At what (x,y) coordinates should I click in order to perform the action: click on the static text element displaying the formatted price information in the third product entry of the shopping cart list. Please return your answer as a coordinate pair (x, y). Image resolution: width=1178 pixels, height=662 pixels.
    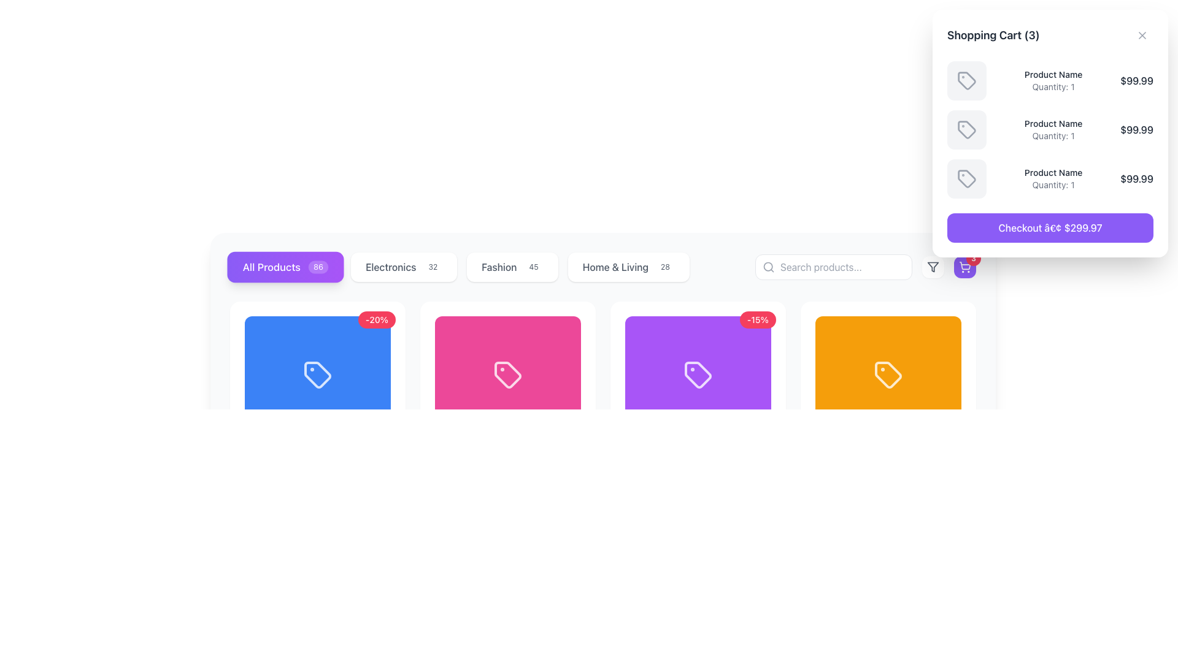
    Looking at the image, I should click on (1136, 179).